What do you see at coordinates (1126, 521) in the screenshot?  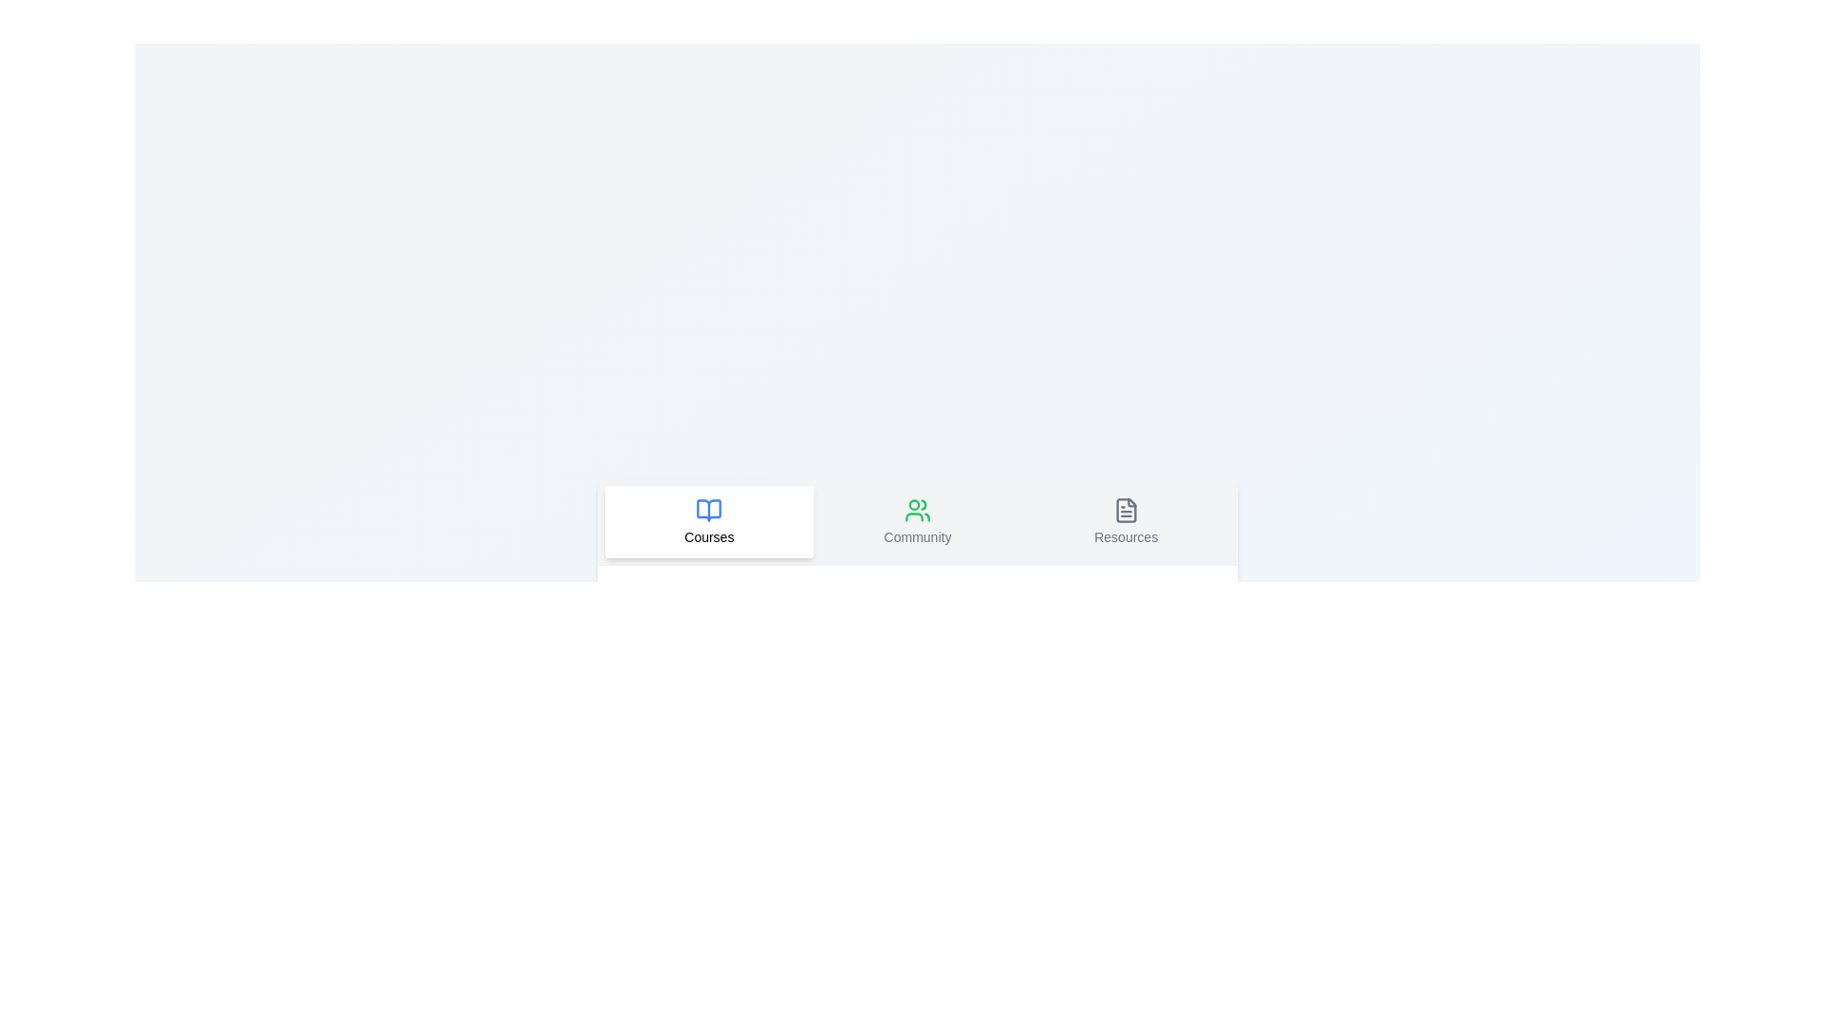 I see `the Resources tab` at bounding box center [1126, 521].